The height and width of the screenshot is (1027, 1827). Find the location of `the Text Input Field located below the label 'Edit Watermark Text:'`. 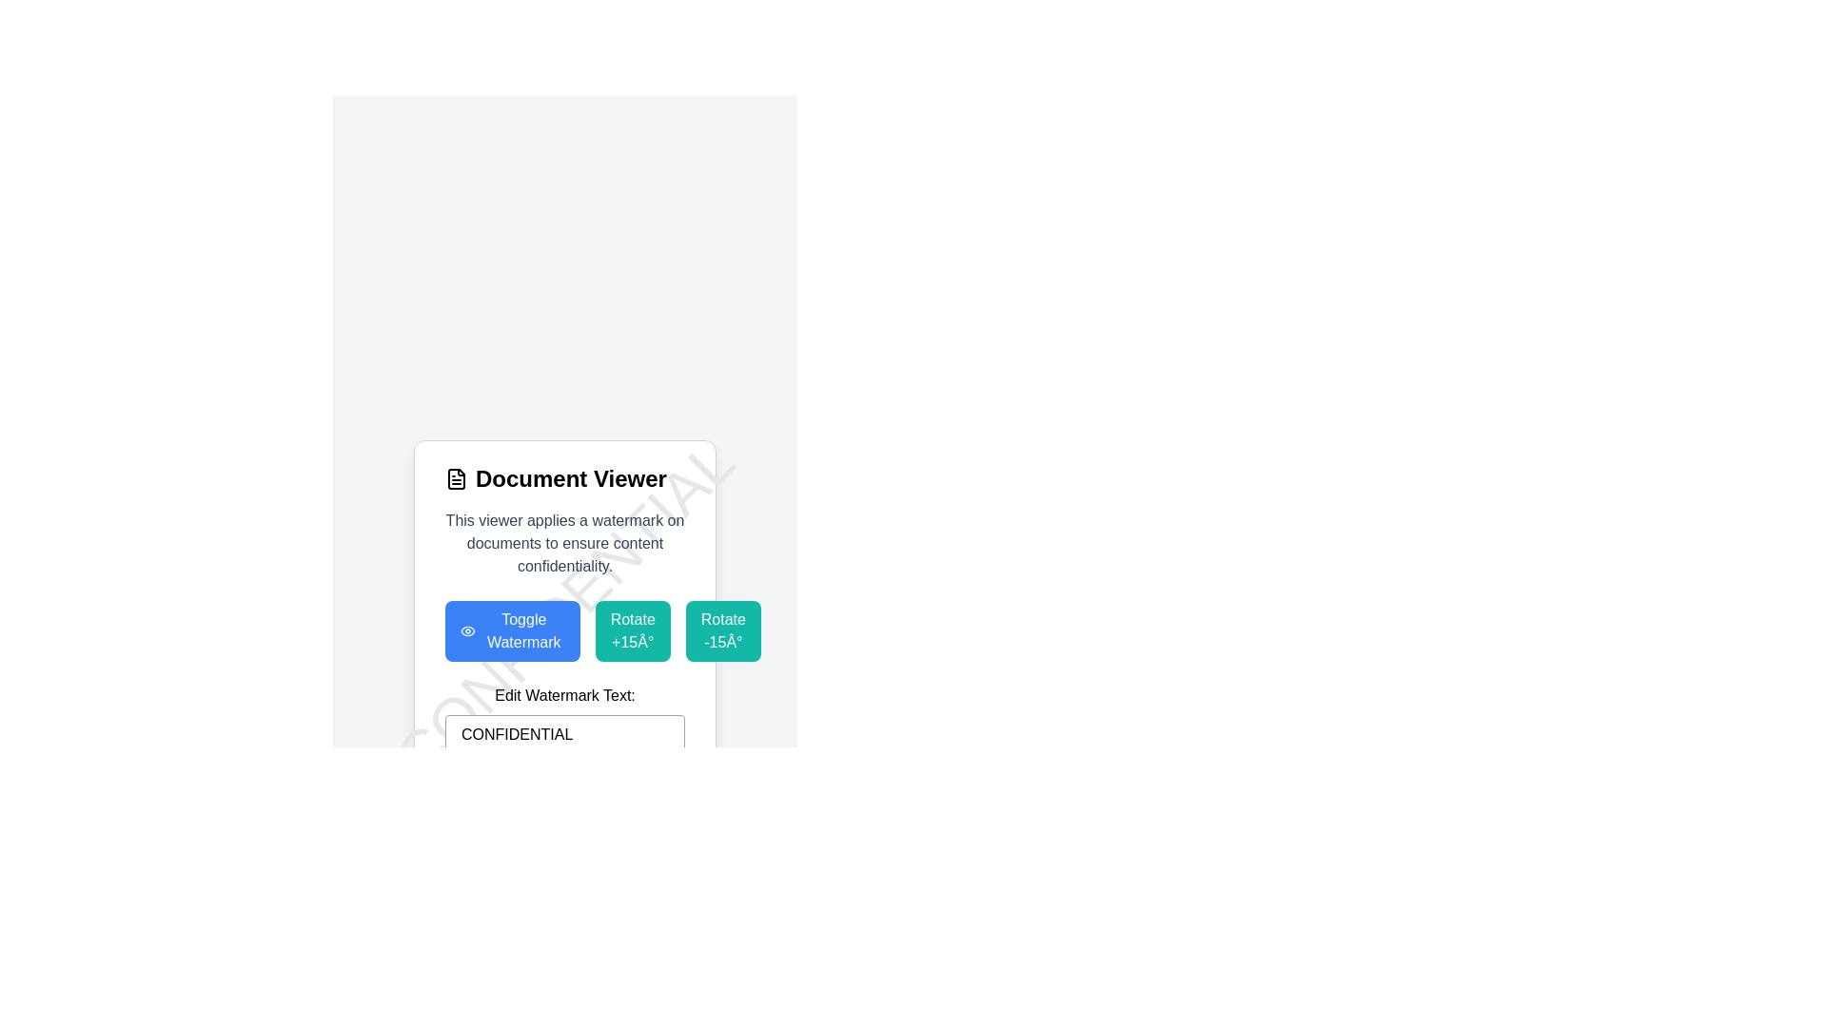

the Text Input Field located below the label 'Edit Watermark Text:' is located at coordinates (564, 733).